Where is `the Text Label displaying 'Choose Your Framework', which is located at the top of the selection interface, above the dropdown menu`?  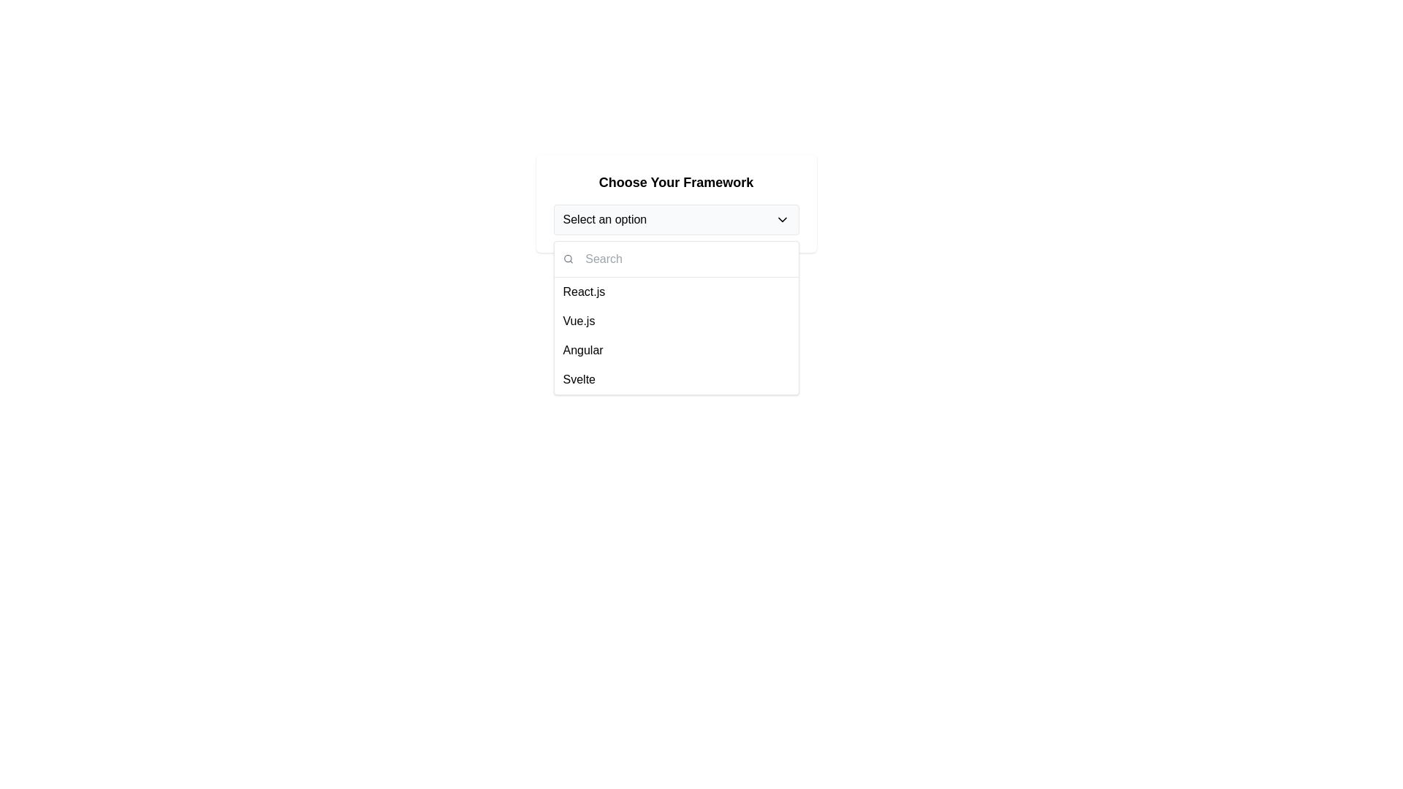
the Text Label displaying 'Choose Your Framework', which is located at the top of the selection interface, above the dropdown menu is located at coordinates (675, 182).